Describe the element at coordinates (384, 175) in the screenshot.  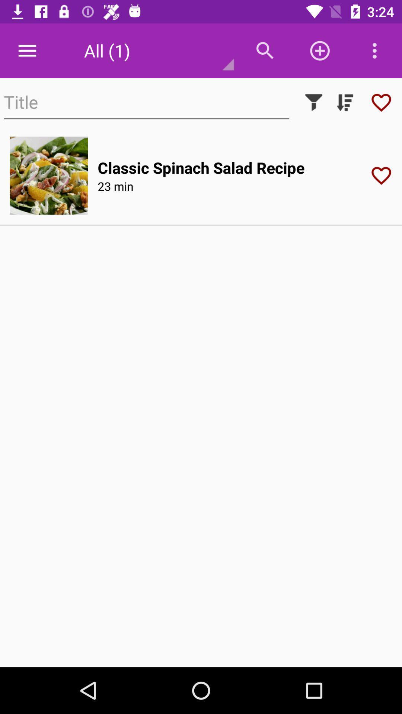
I see `like button` at that location.